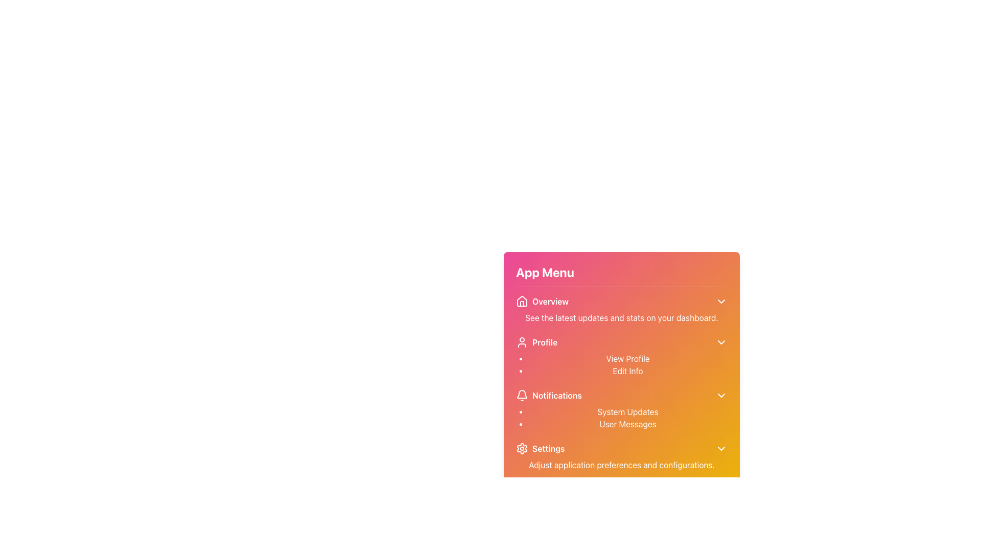 The width and height of the screenshot is (981, 552). Describe the element at coordinates (627, 371) in the screenshot. I see `the second menu item under the 'Profile' section, which is located directly below the 'View Profile' option` at that location.